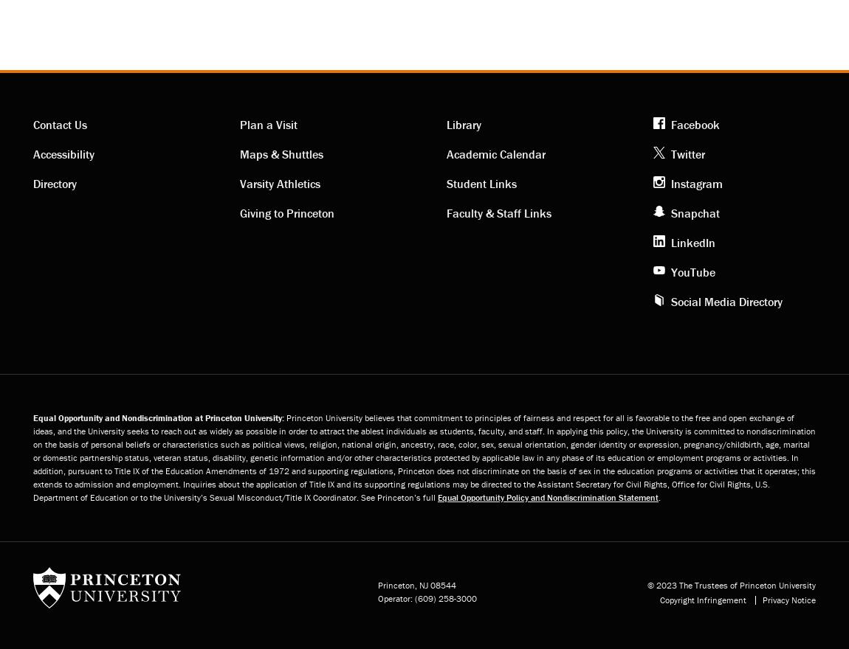 The width and height of the screenshot is (849, 649). What do you see at coordinates (692, 240) in the screenshot?
I see `'LinkedIn'` at bounding box center [692, 240].